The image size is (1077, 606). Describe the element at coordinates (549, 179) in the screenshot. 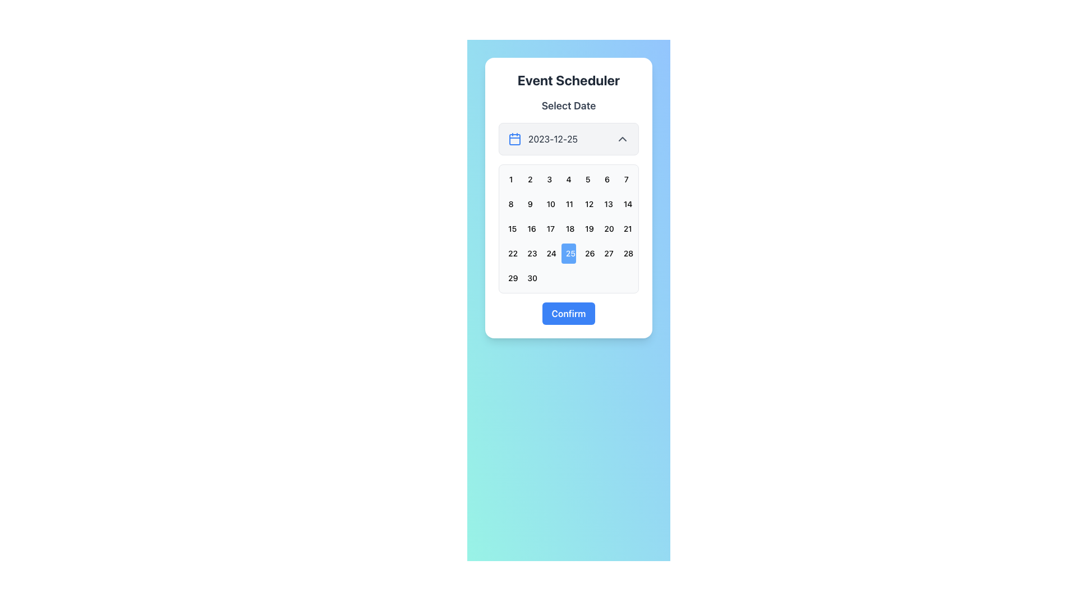

I see `the button displaying the text '3', which is the third item in the first row of a 7-column grid layout` at that location.